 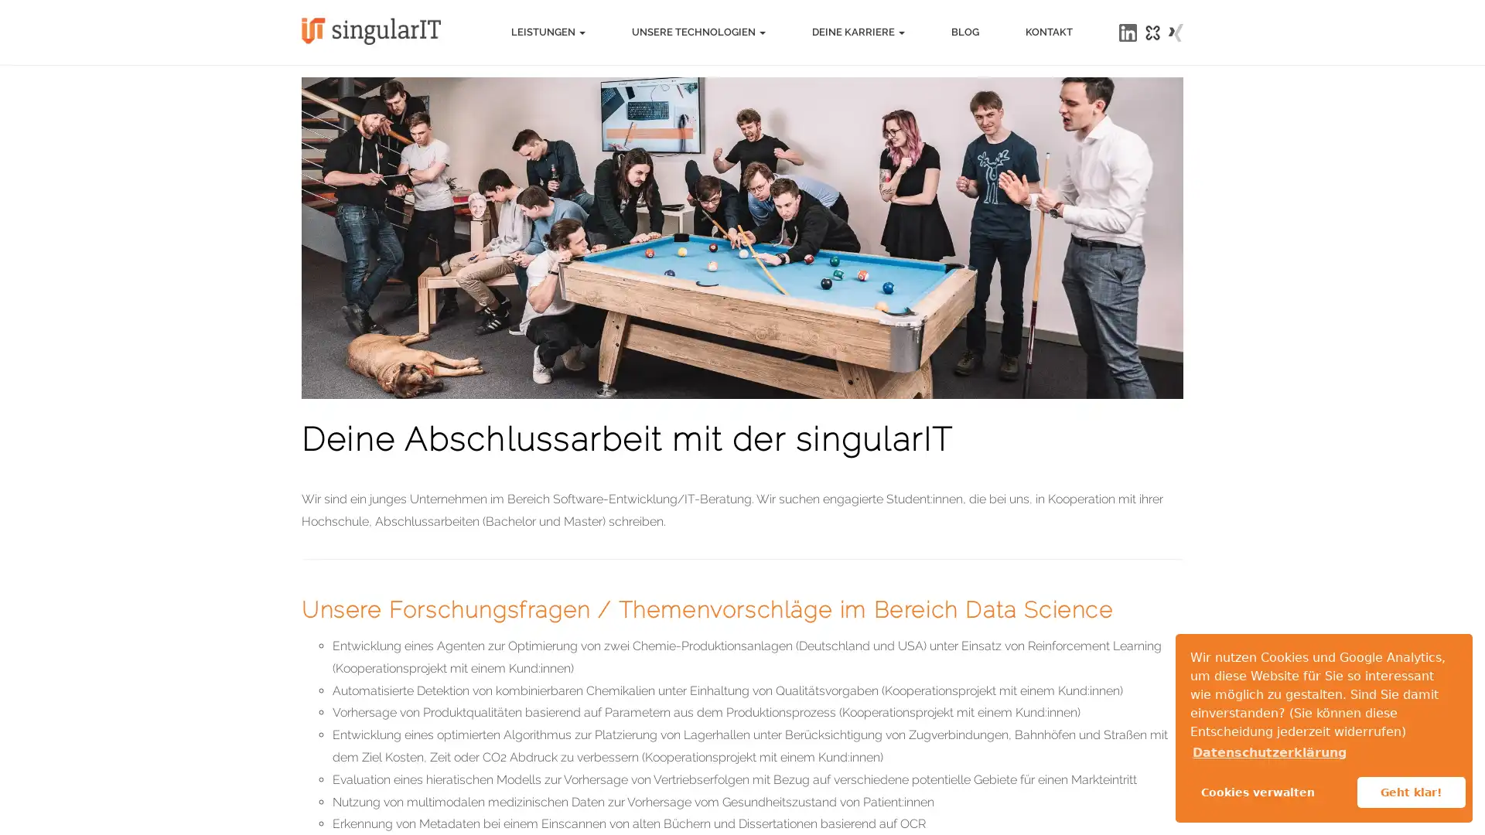 What do you see at coordinates (1258, 792) in the screenshot?
I see `Cookies verwalten` at bounding box center [1258, 792].